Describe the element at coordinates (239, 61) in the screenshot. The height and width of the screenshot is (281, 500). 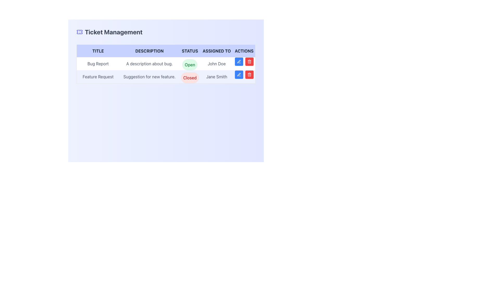
I see `the small pen icon with a blue background located in the 'Actions' column of the second row in the ticket management table` at that location.